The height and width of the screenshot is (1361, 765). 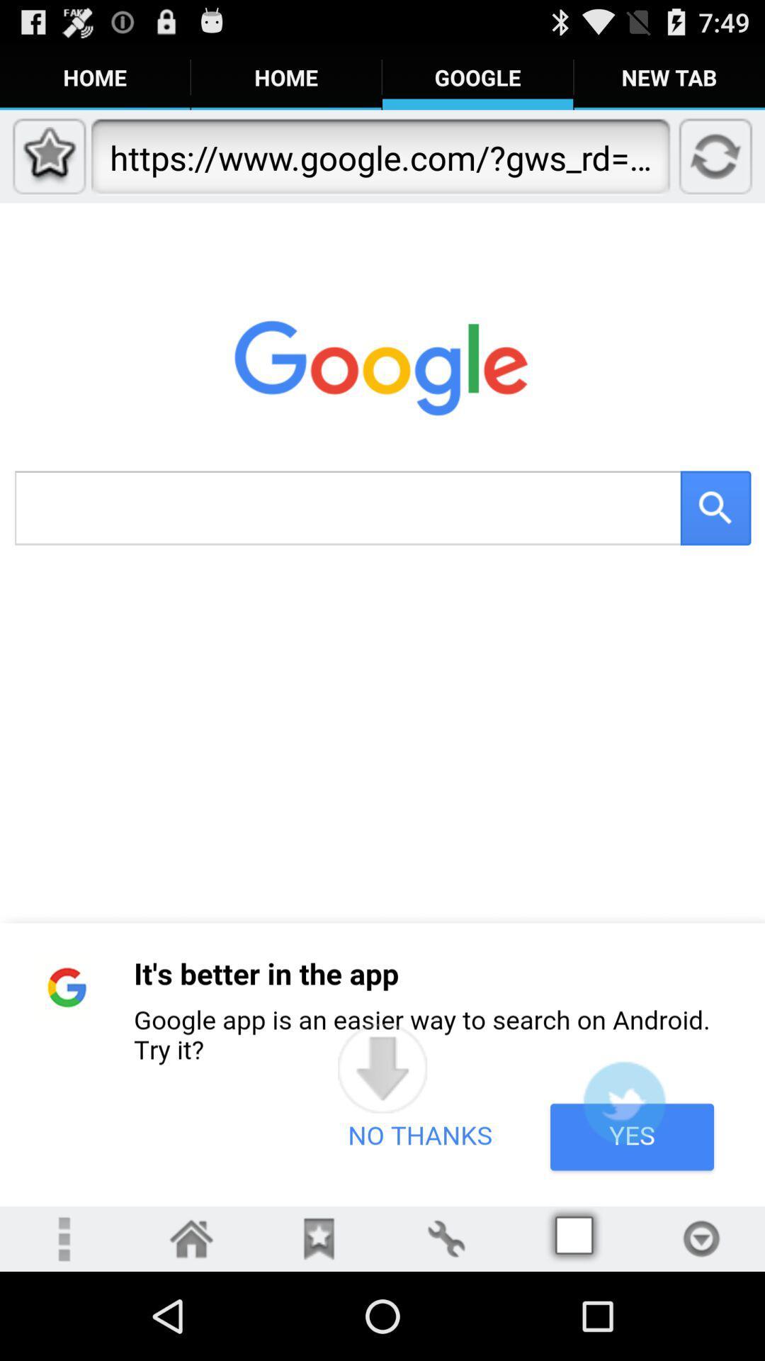 I want to click on menu pega, so click(x=701, y=1238).